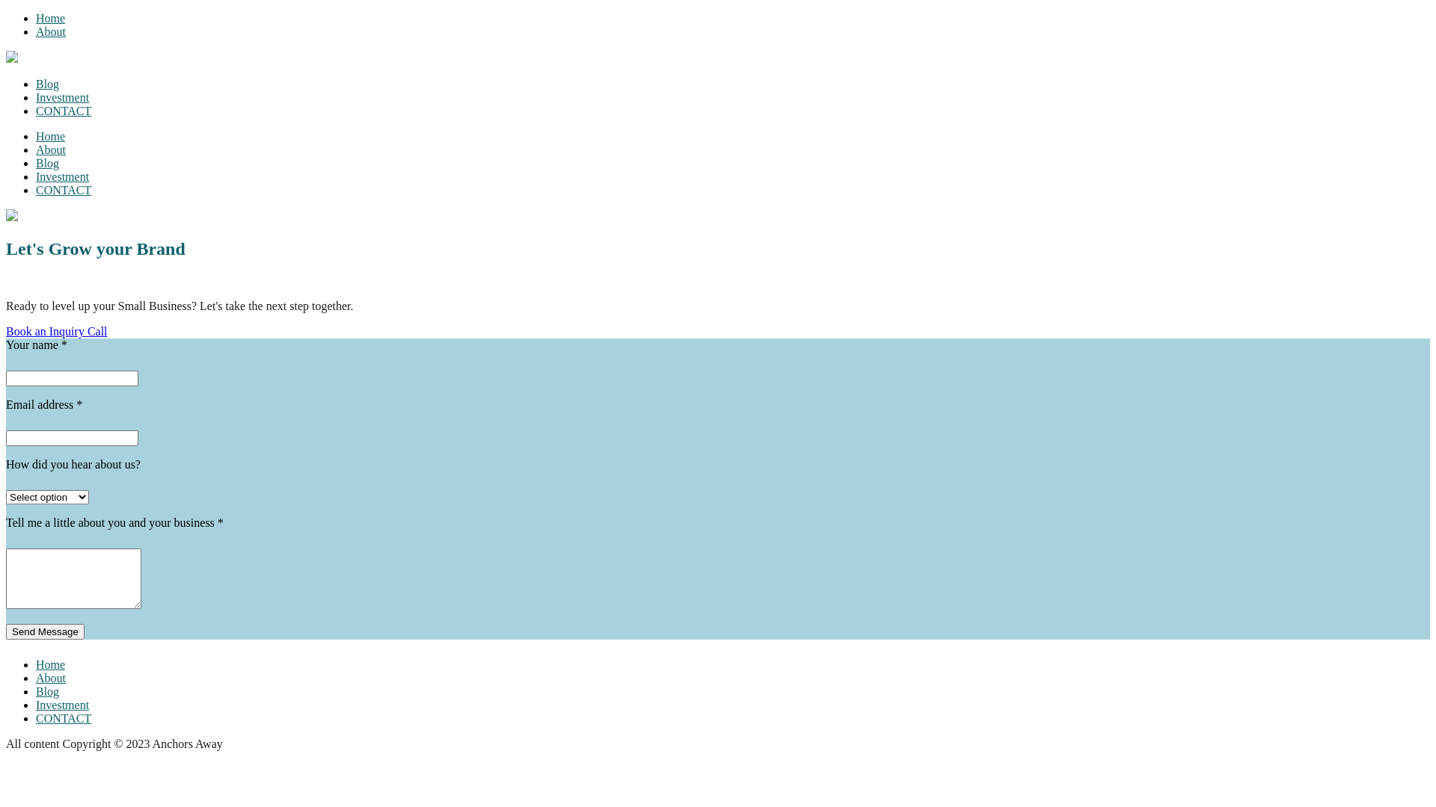 The image size is (1436, 807). I want to click on 'Blog', so click(47, 163).